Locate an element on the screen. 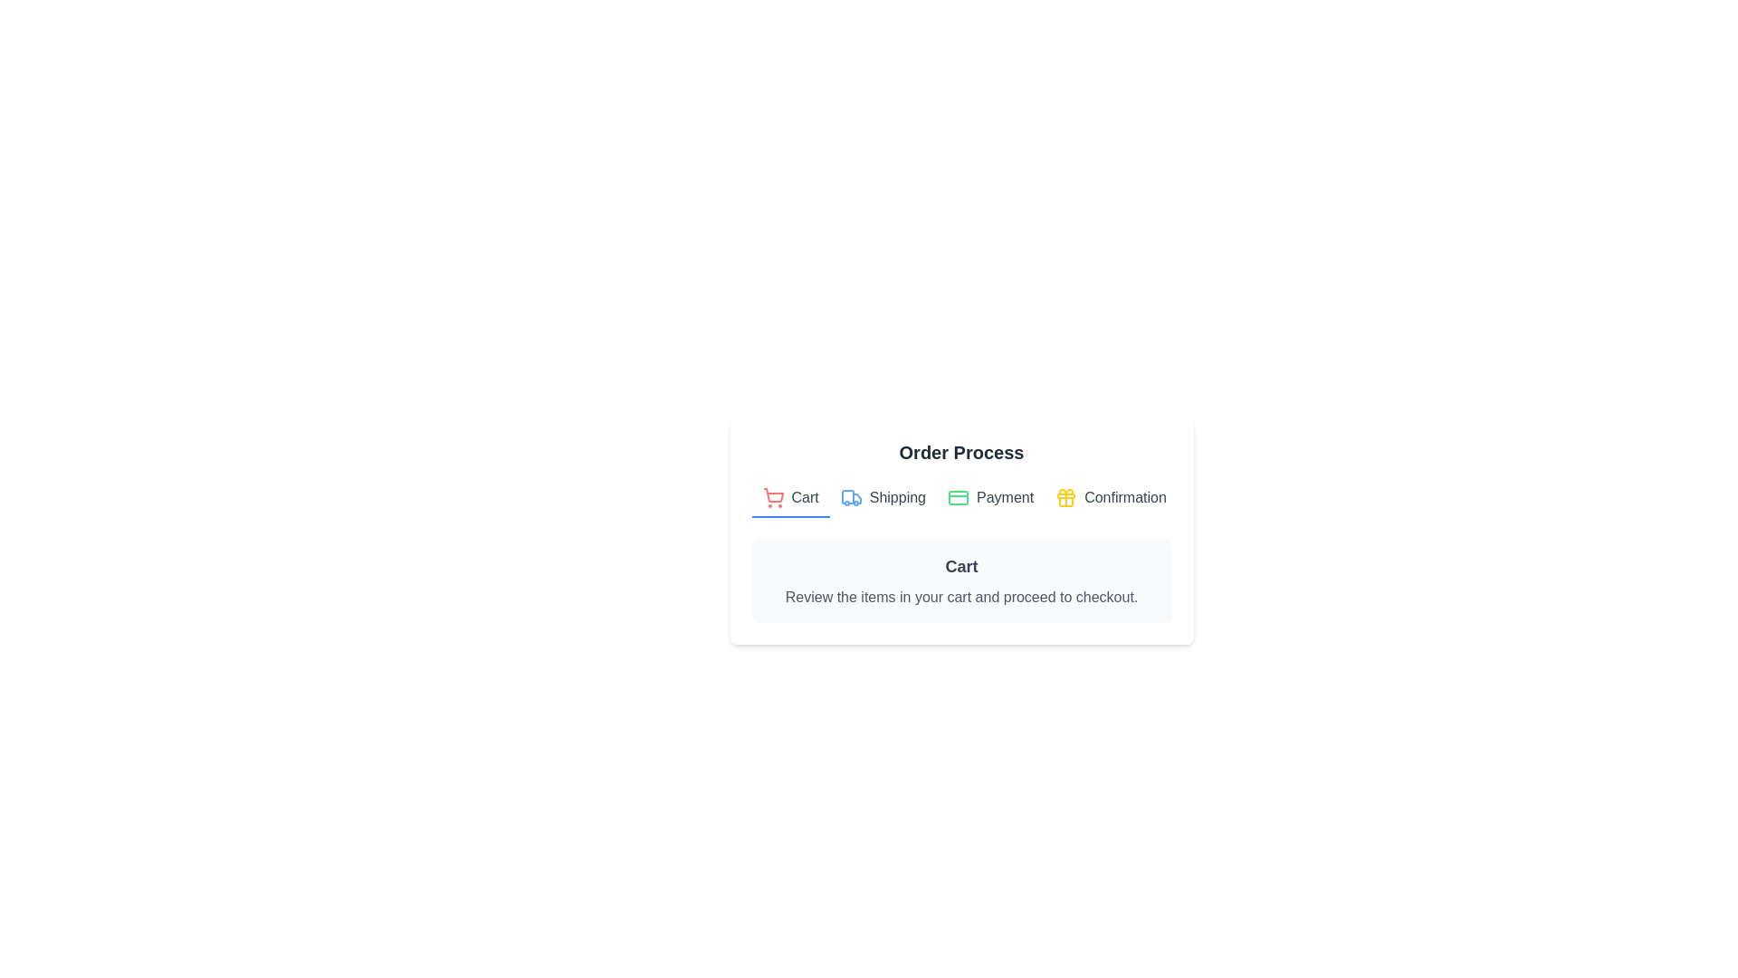  the Shipping tab to navigate to the corresponding step is located at coordinates (883, 499).